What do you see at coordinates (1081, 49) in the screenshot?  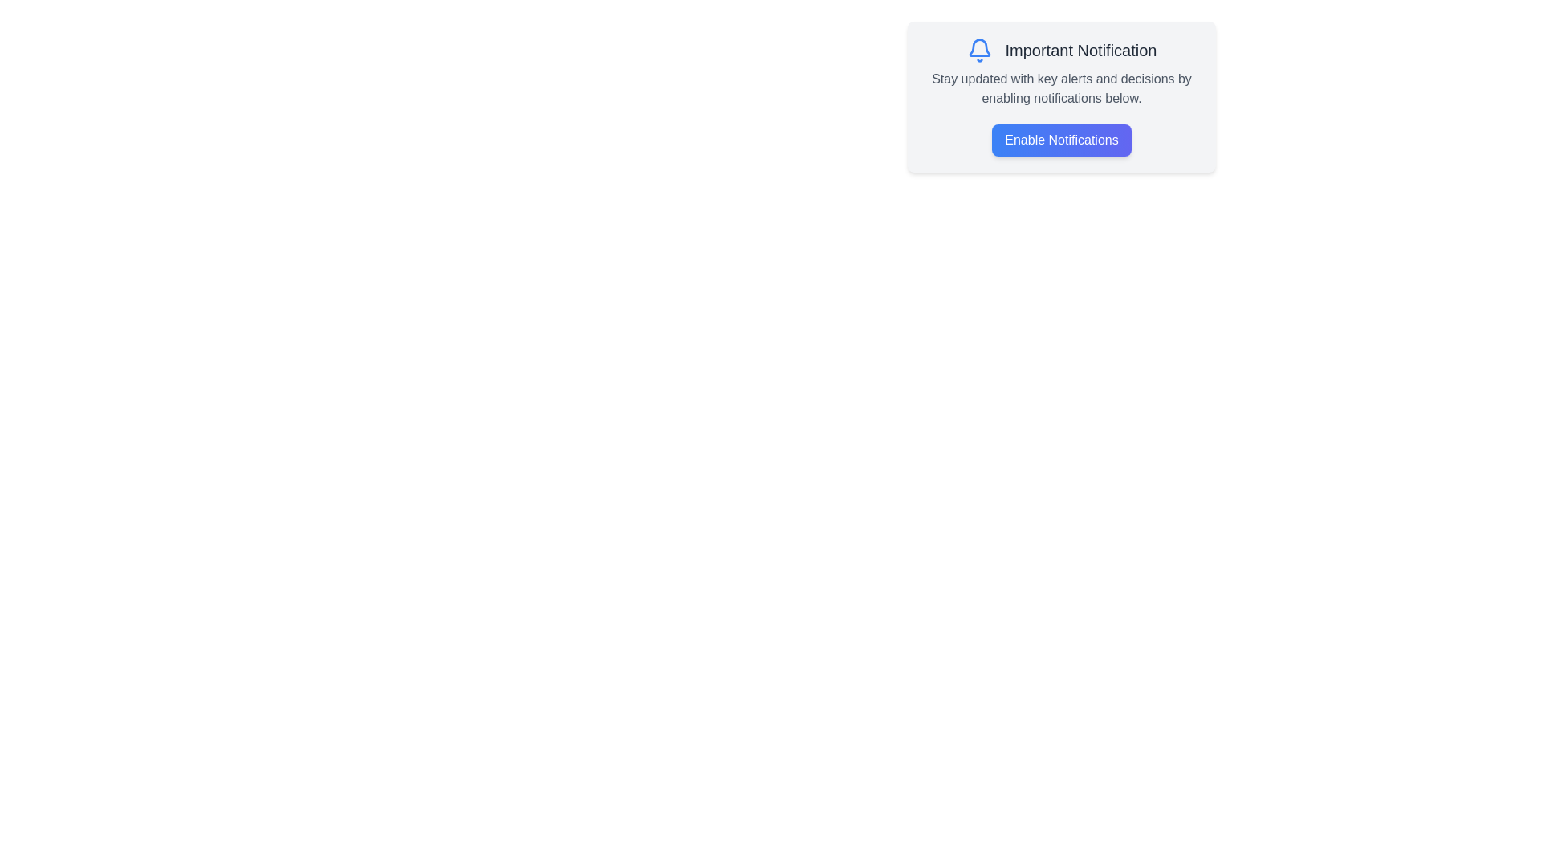 I see `text content of the text label displaying 'Important Notification', which is a bold, large font label aligned to the right of a notification bell icon` at bounding box center [1081, 49].